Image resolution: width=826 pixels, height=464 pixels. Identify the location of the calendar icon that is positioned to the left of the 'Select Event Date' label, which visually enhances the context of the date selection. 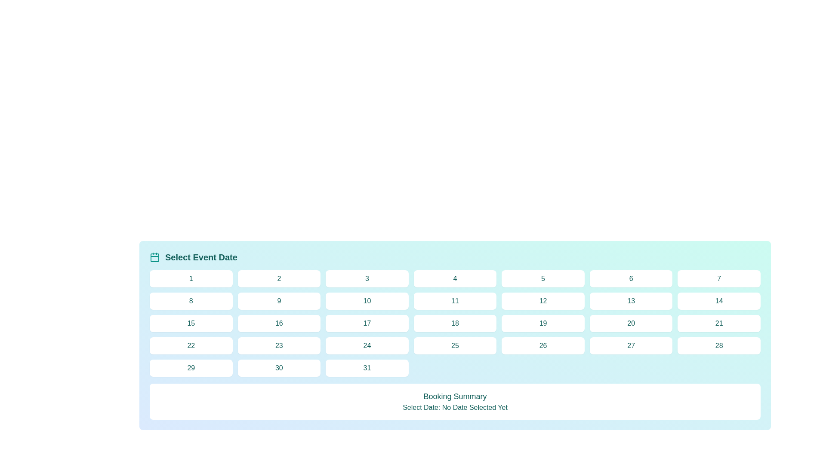
(155, 256).